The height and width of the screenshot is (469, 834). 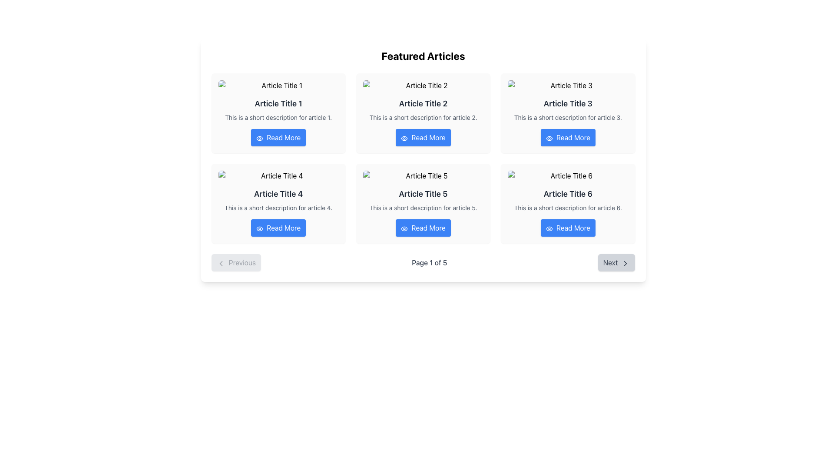 What do you see at coordinates (423, 194) in the screenshot?
I see `the text label that serves as the title of the article, located in the second row and second column of a 3x2 grid layout, positioned below an image and above a short description text and a button` at bounding box center [423, 194].